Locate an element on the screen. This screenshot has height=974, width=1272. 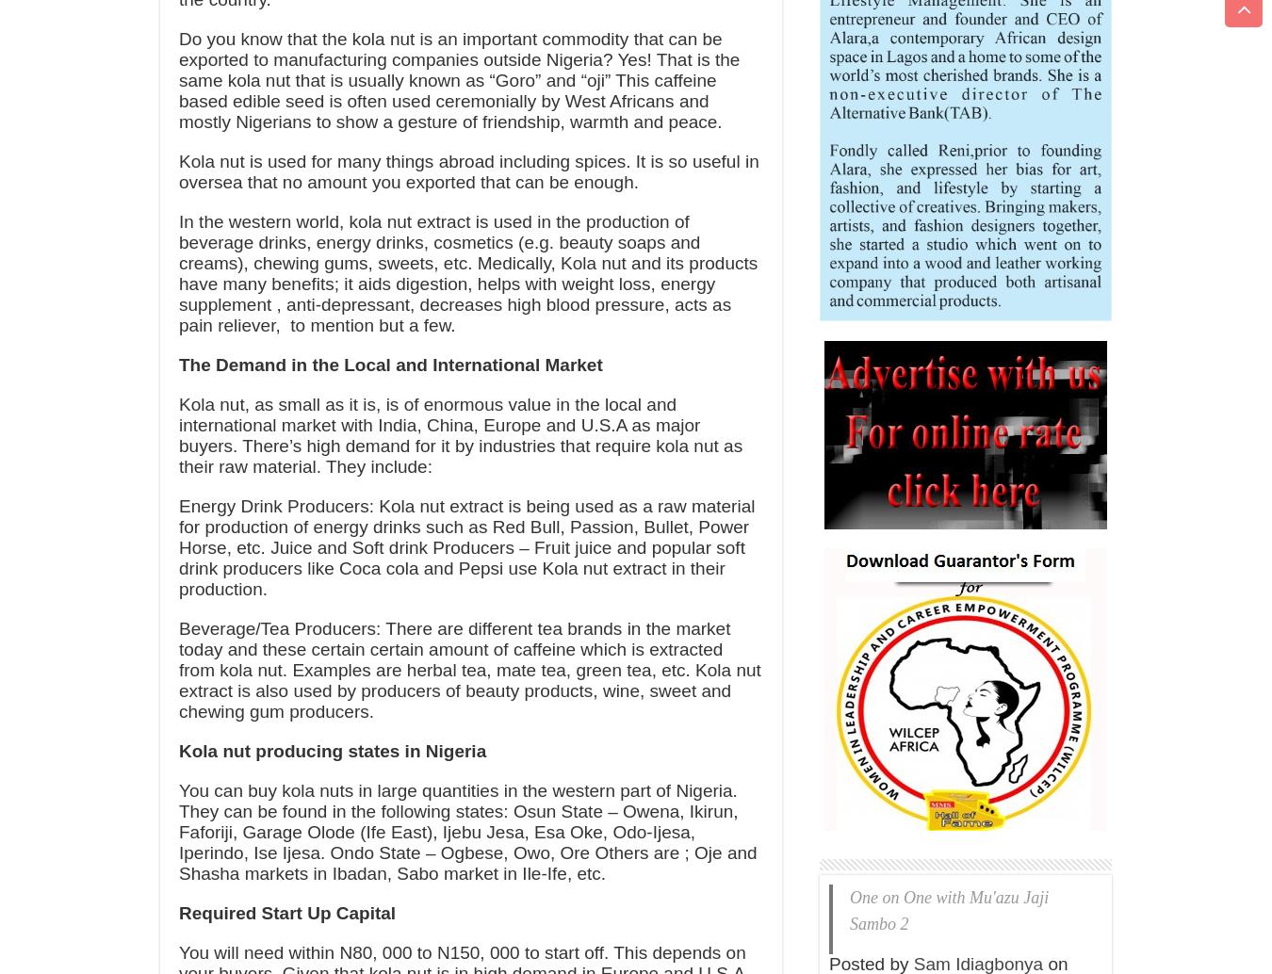
'Beverage/Tea Producers: There are different tea brands in the market today and these certain certain amount of caffeine which is extracted from kola nut. Examples are herbal tea, mate tea, green tea, etc. Kola nut extract is also used by producers of beauty products, wine, sweet and chewing gum producers.' is located at coordinates (178, 670).